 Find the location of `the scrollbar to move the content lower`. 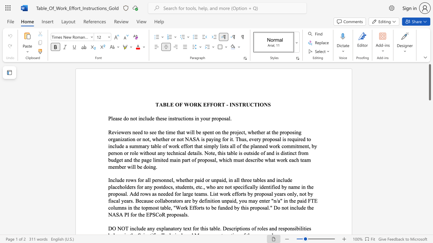

the scrollbar to move the content lower is located at coordinates (429, 144).